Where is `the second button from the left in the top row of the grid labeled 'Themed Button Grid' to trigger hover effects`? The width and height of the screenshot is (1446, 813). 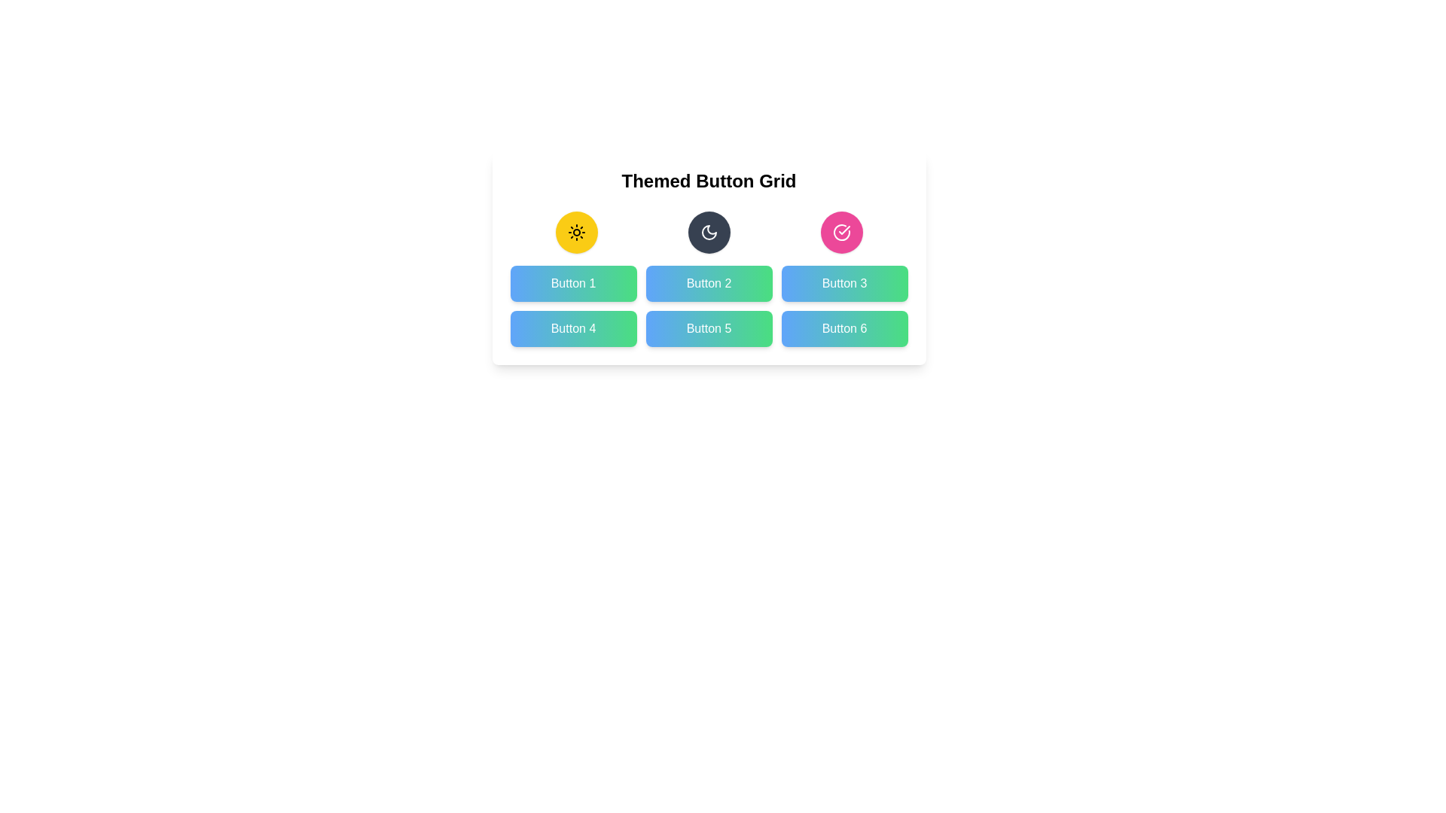 the second button from the left in the top row of the grid labeled 'Themed Button Grid' to trigger hover effects is located at coordinates (708, 284).